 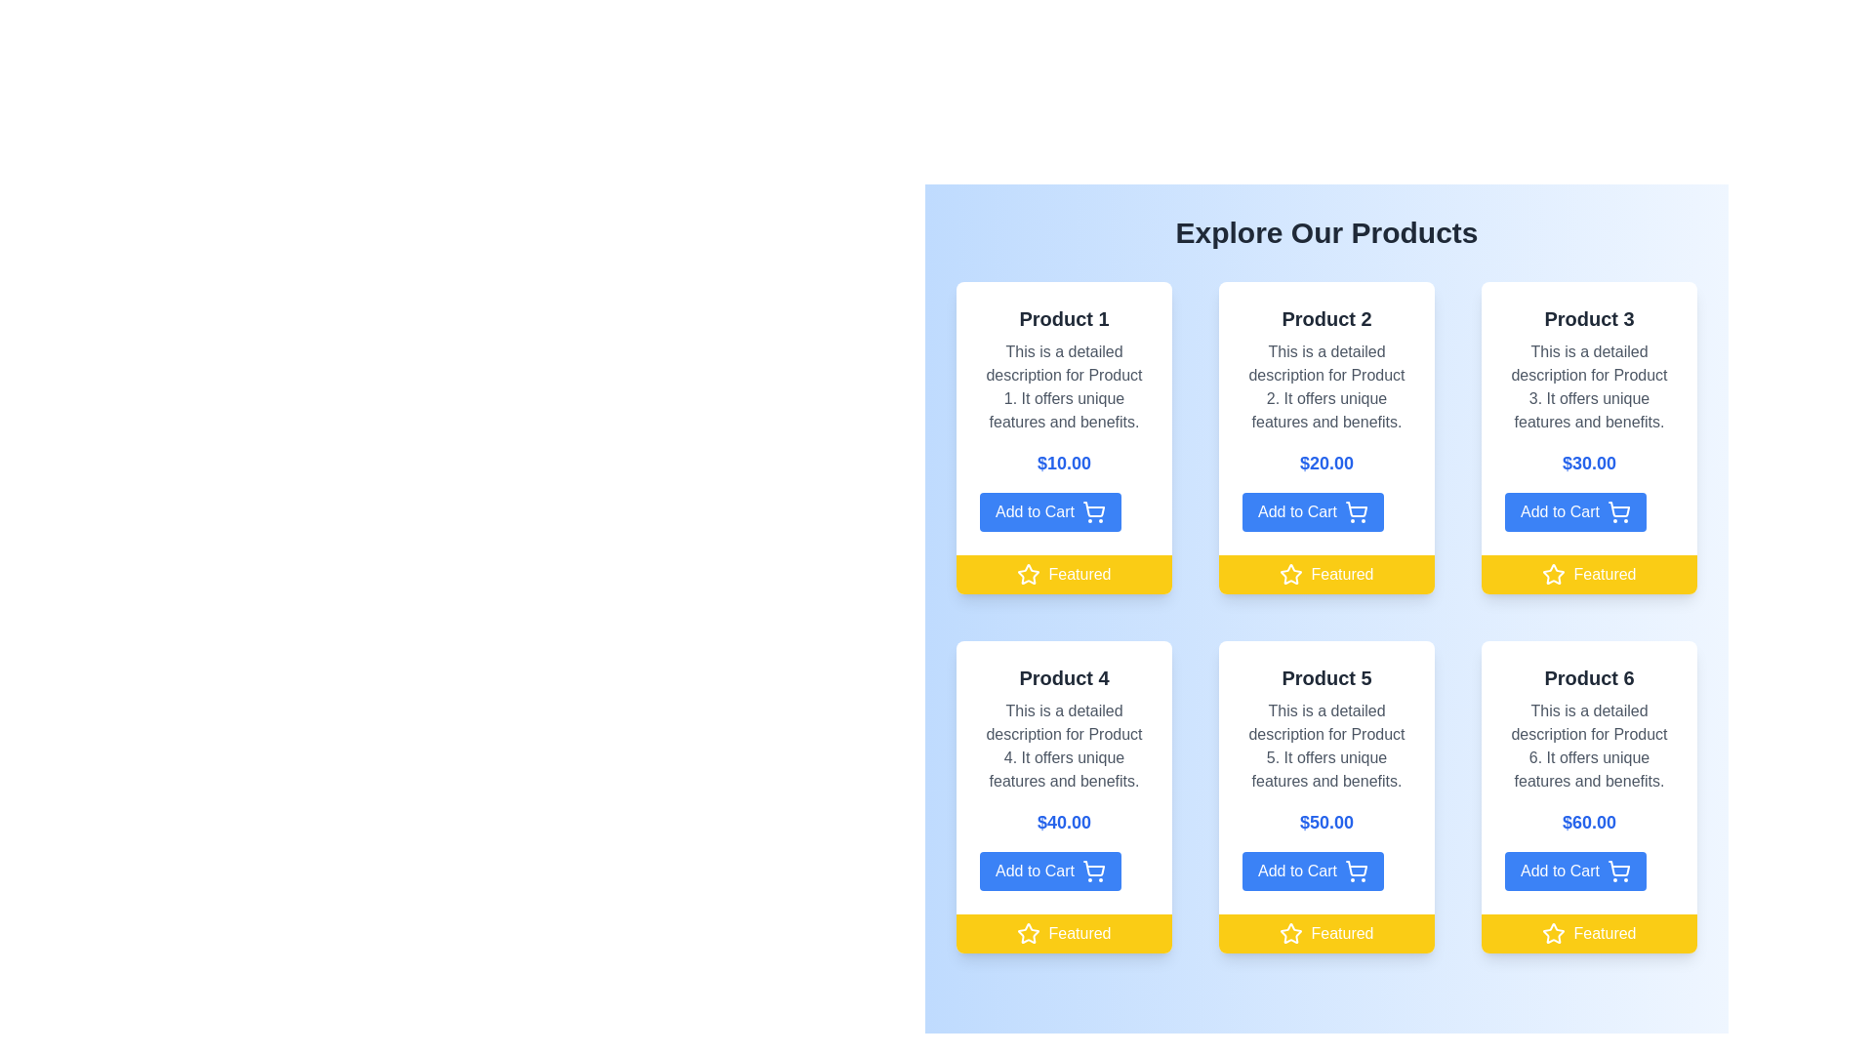 What do you see at coordinates (1291, 574) in the screenshot?
I see `the star icon with a white fill on a yellow background indicating 'Featured' status, located at the bottom left of Product 2's card` at bounding box center [1291, 574].